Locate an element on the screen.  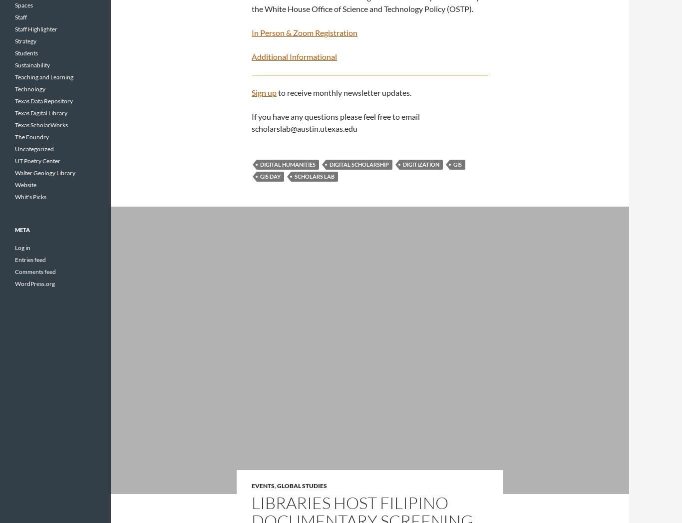
'Texas Data Repository' is located at coordinates (43, 100).